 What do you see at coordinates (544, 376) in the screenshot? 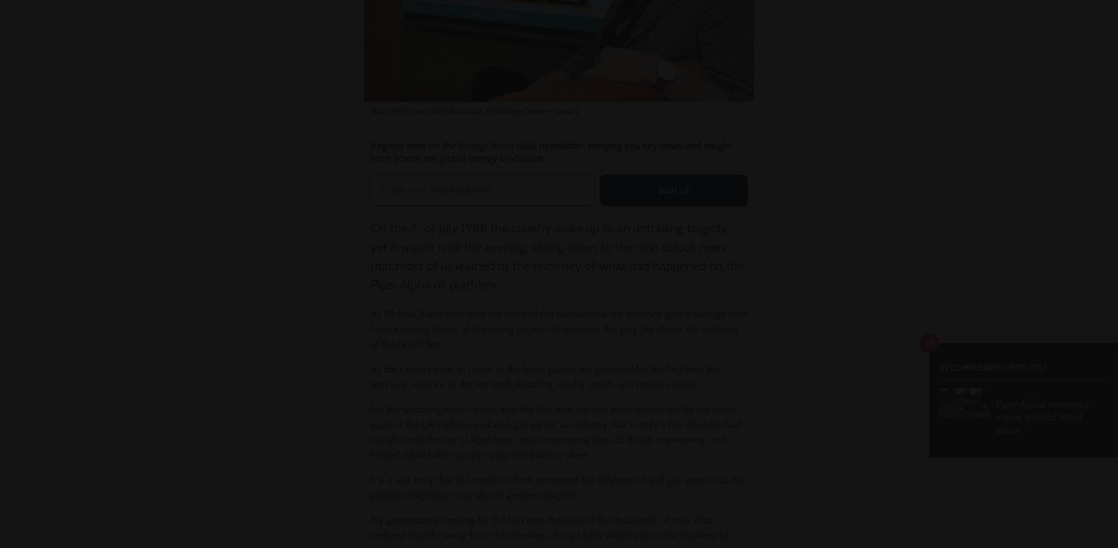
I see `'As the camera drew in closer to the black plume, we glimpsed for the first time the terrifying violence of the fire itself, dwarfing nearby search and rescue vessels.'` at bounding box center [544, 376].